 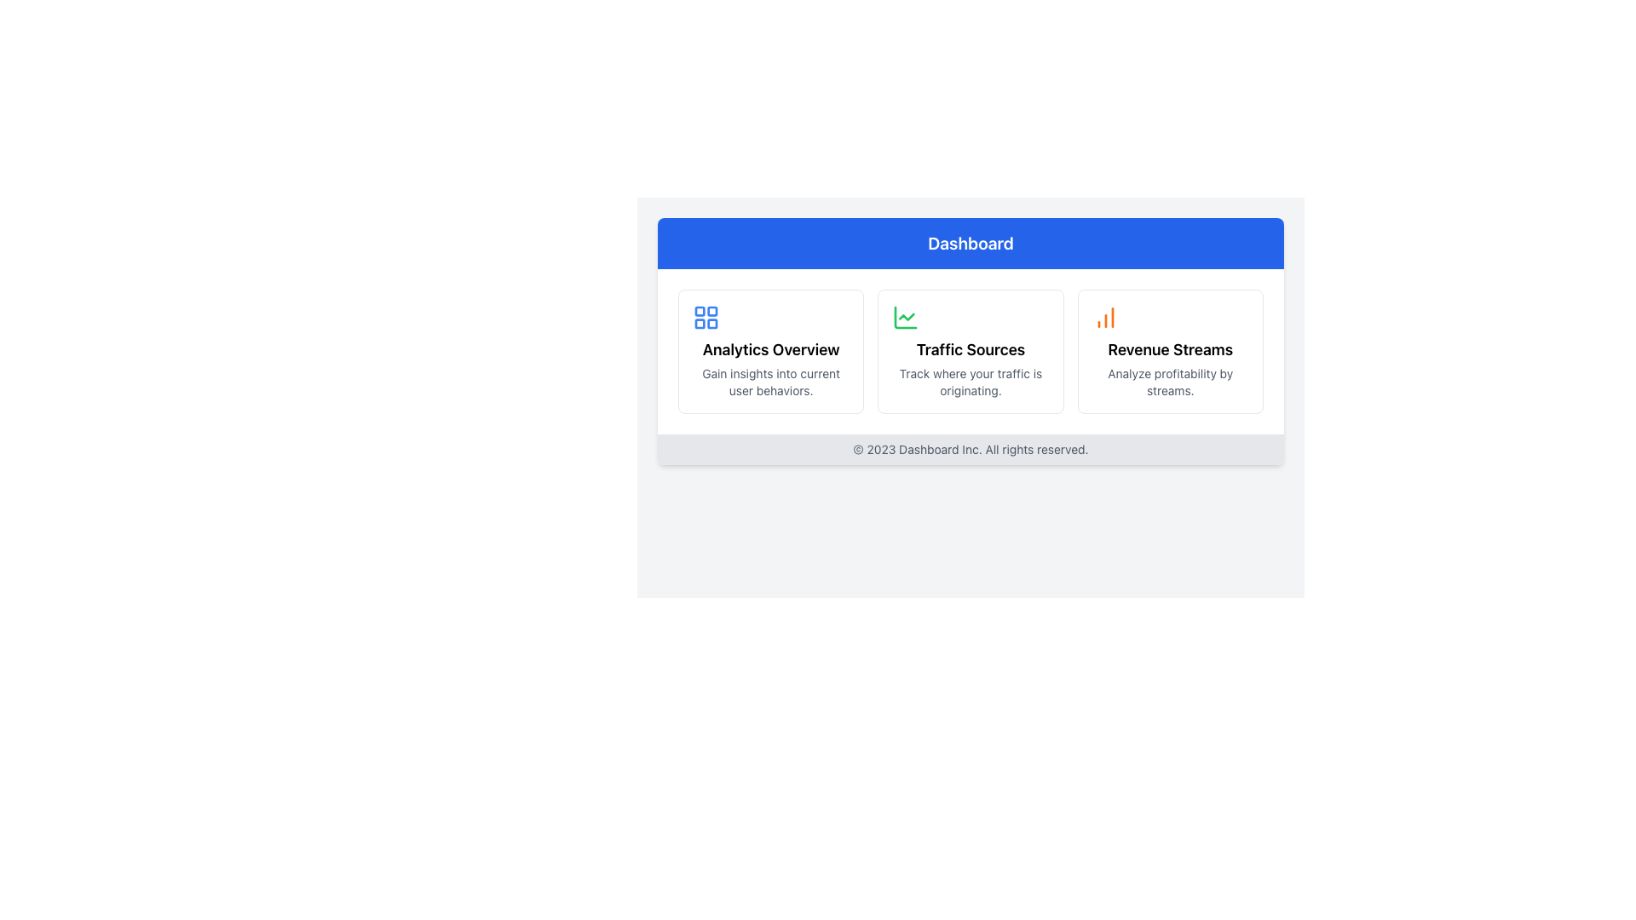 I want to click on the heading label for the Analytics Overview section located in the upper-left corner of the Dashboard tile, so click(x=770, y=349).